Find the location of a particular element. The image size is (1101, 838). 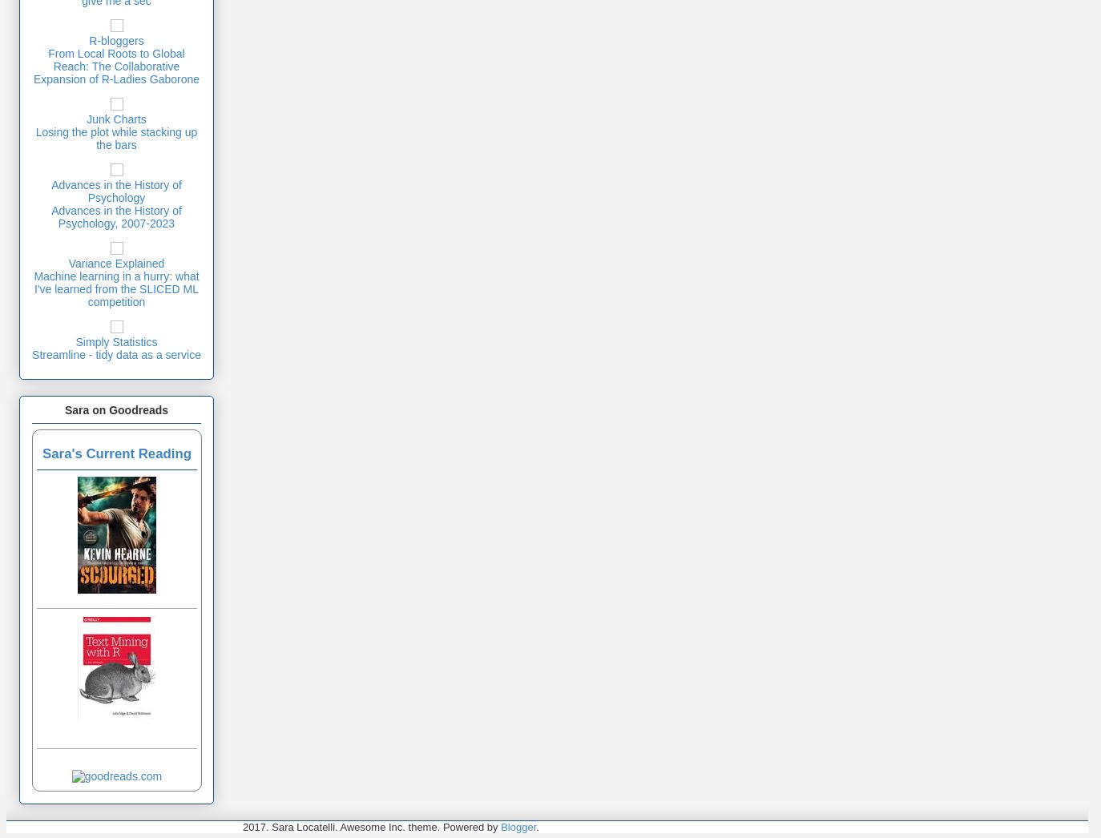

'Simply Statistics' is located at coordinates (115, 340).